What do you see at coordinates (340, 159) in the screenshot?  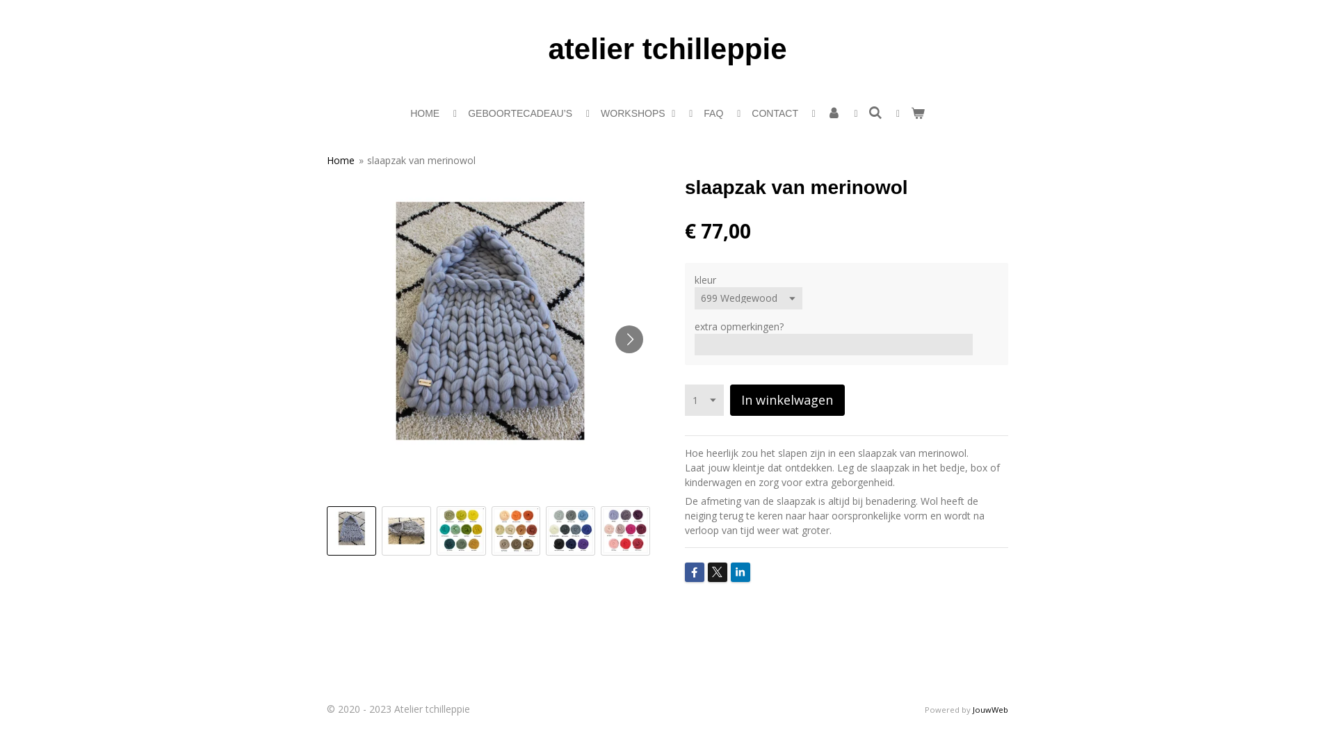 I see `'Home'` at bounding box center [340, 159].